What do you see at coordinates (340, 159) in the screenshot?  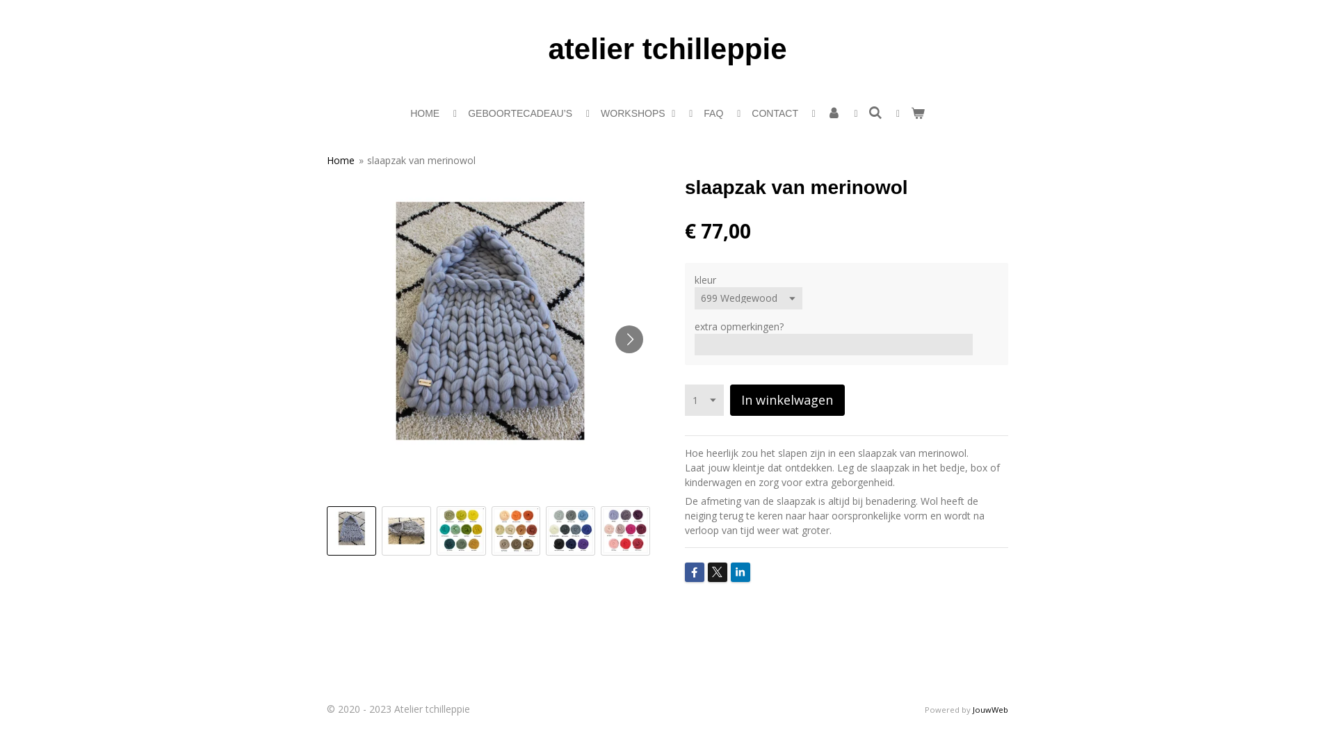 I see `'Home'` at bounding box center [340, 159].